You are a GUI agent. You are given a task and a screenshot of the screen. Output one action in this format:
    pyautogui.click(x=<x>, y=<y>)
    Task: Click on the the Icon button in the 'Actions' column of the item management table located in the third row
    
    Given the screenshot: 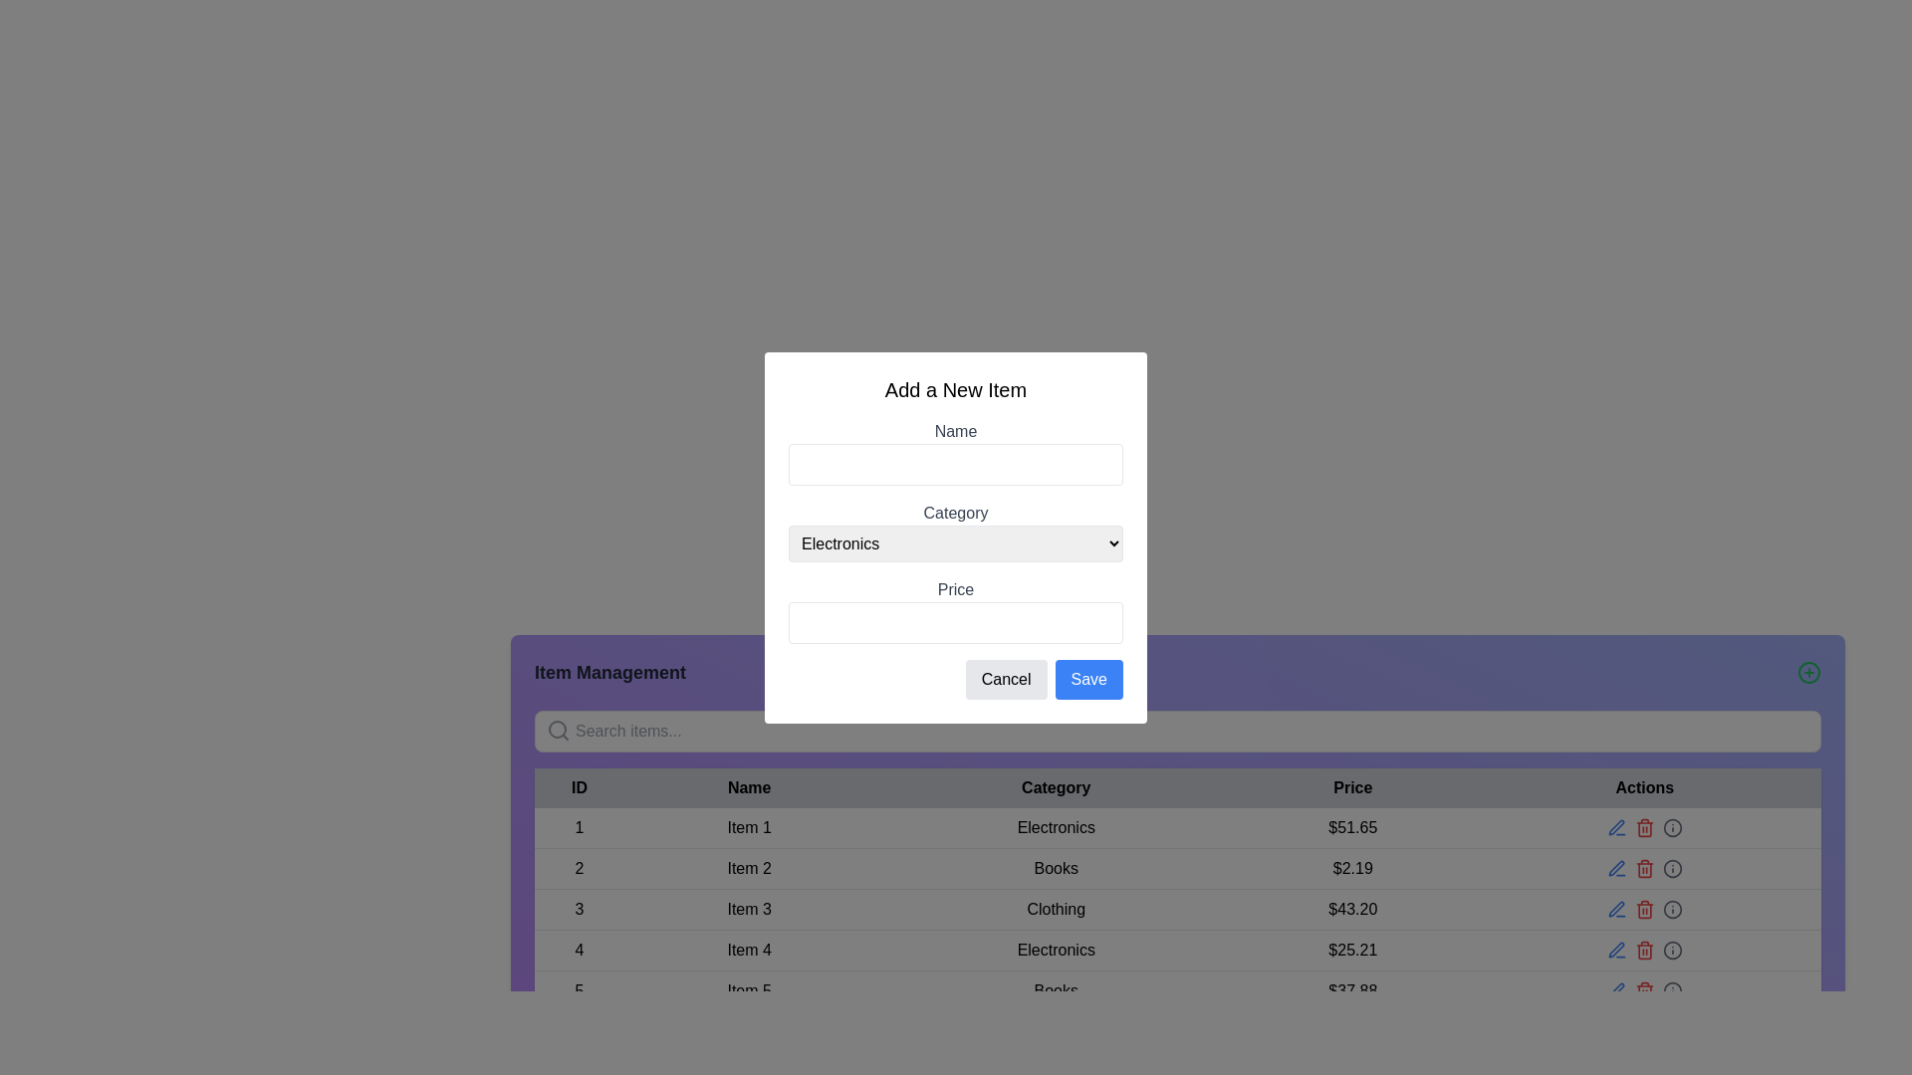 What is the action you would take?
    pyautogui.click(x=1616, y=910)
    